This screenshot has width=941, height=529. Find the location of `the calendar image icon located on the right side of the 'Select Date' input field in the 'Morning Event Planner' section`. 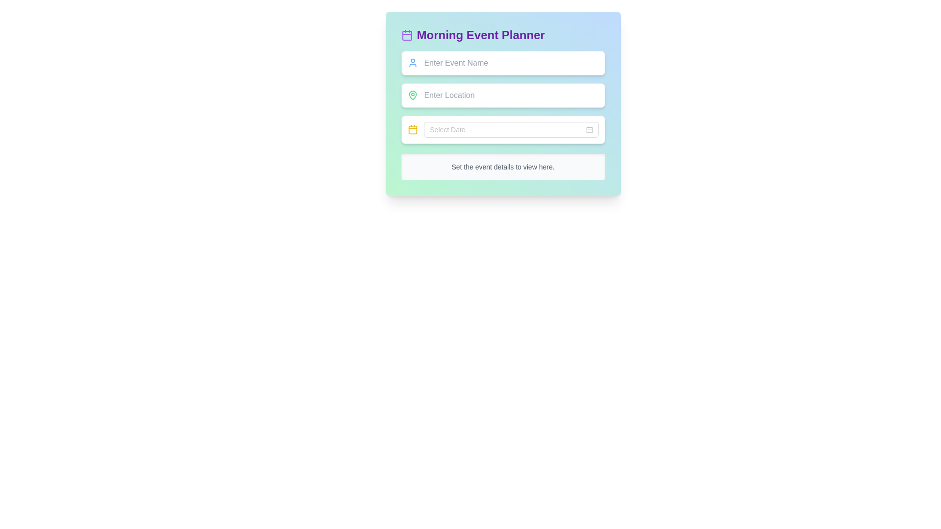

the calendar image icon located on the right side of the 'Select Date' input field in the 'Morning Event Planner' section is located at coordinates (589, 129).